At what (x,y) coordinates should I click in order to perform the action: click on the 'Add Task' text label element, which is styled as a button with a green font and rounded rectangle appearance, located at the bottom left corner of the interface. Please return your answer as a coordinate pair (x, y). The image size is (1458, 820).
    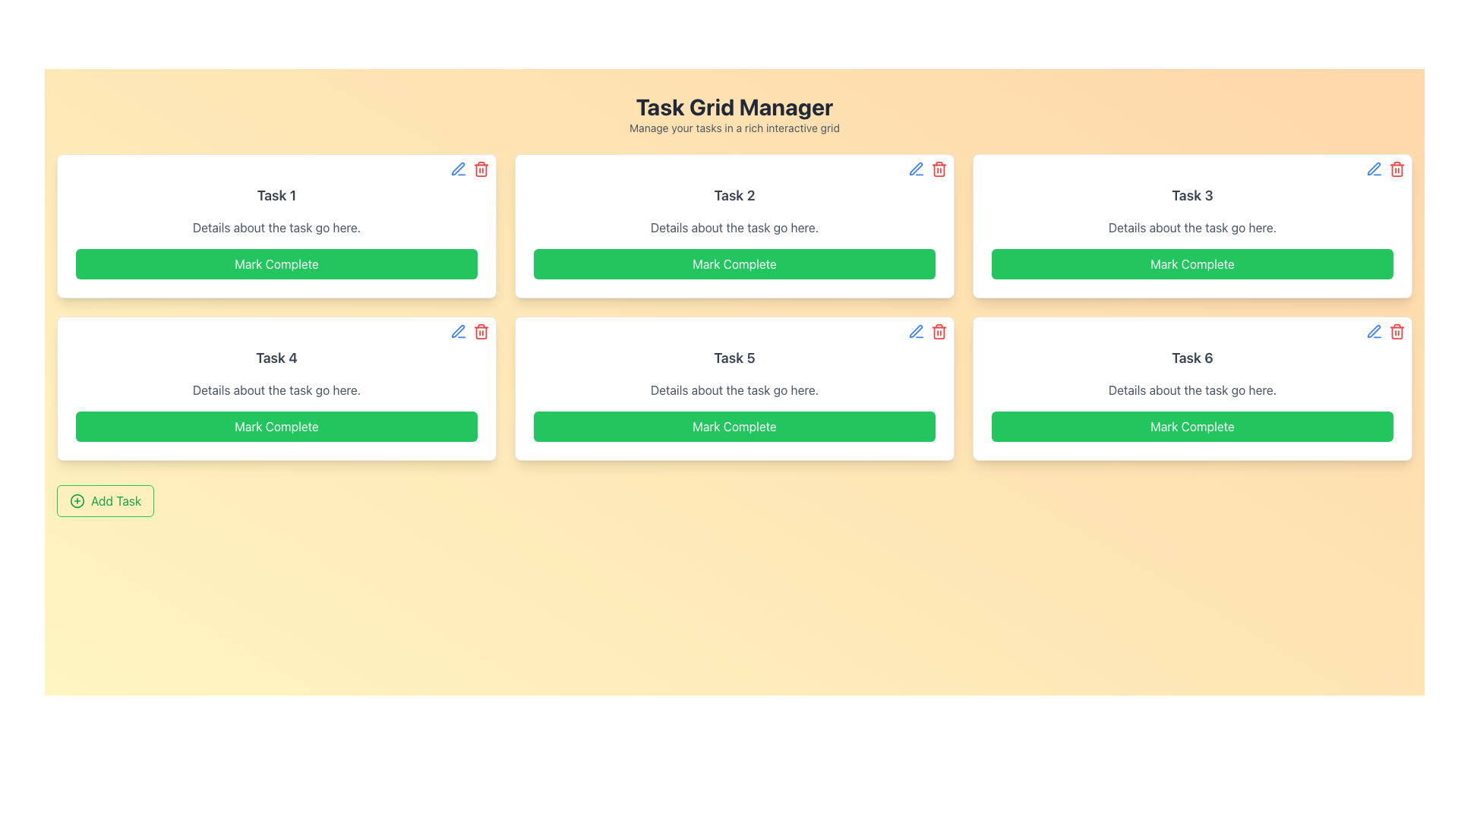
    Looking at the image, I should click on (115, 500).